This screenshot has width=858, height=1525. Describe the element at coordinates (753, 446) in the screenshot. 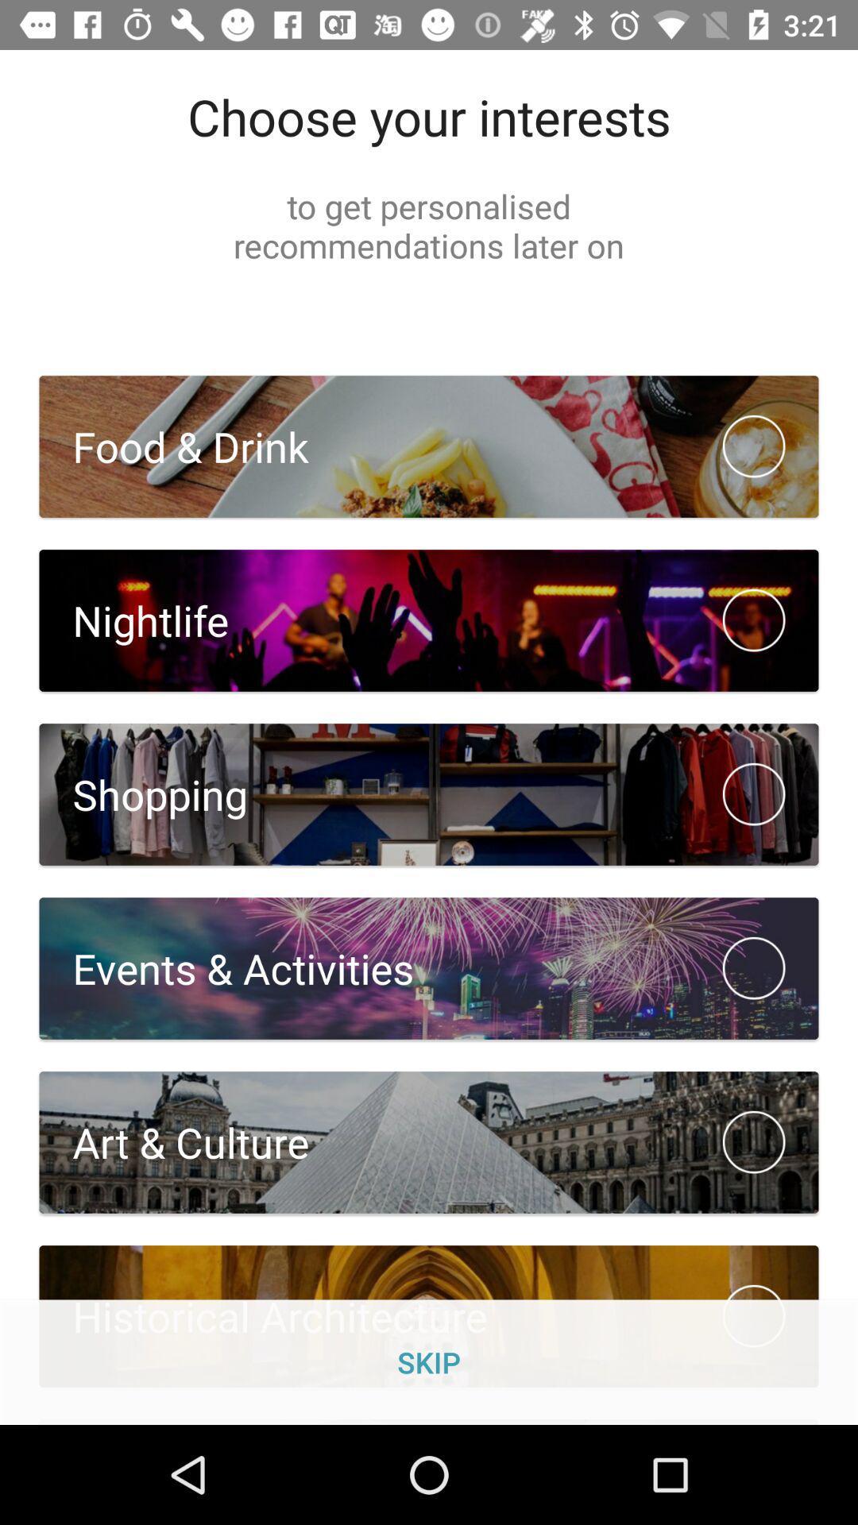

I see `icon on the left side of food  drink` at that location.